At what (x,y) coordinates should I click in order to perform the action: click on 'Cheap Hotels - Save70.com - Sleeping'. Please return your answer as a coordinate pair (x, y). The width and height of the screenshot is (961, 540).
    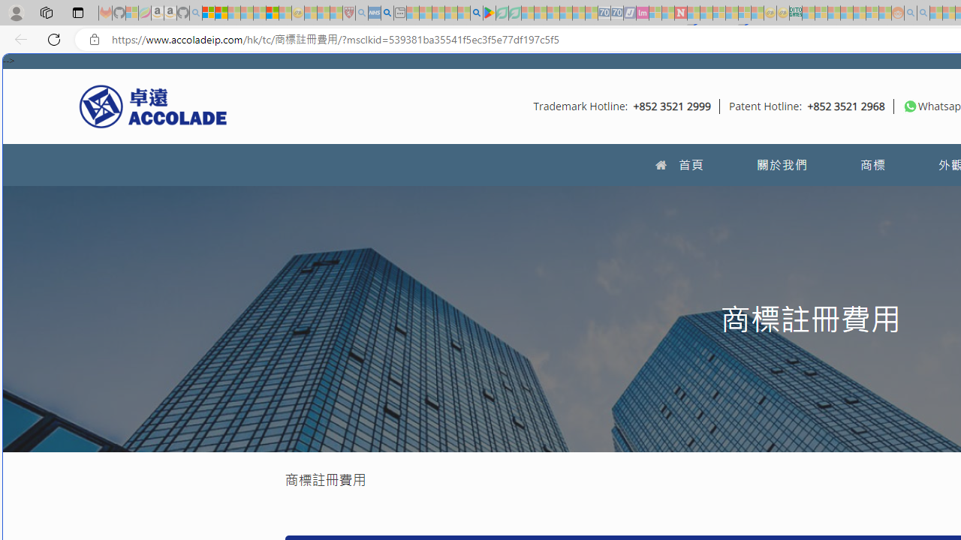
    Looking at the image, I should click on (616, 13).